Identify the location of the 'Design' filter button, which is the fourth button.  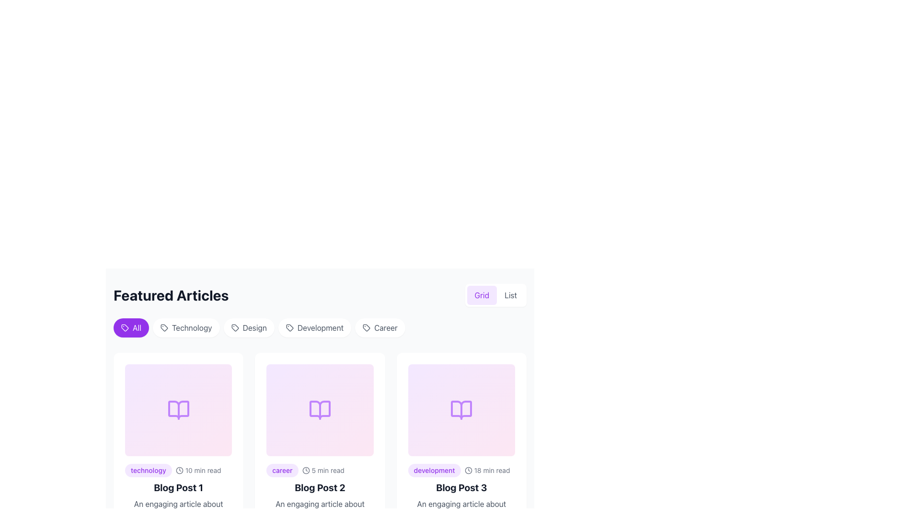
(249, 327).